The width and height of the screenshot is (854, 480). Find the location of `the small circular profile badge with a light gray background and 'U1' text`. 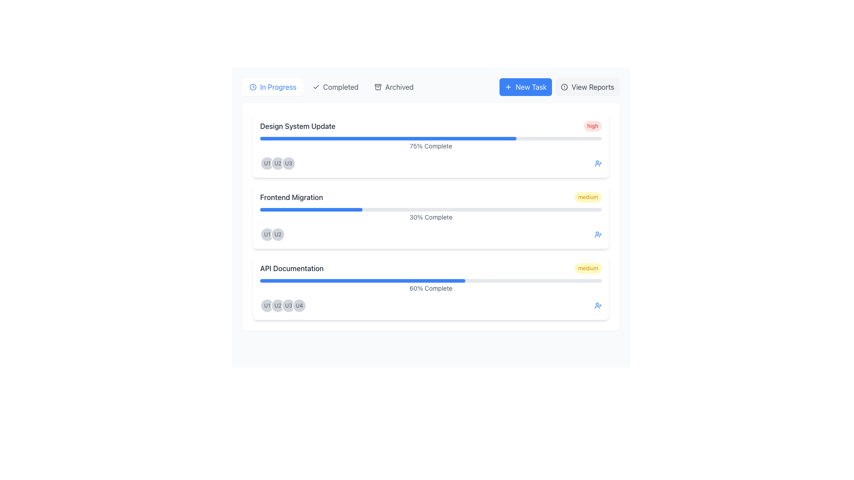

the small circular profile badge with a light gray background and 'U1' text is located at coordinates (266, 163).